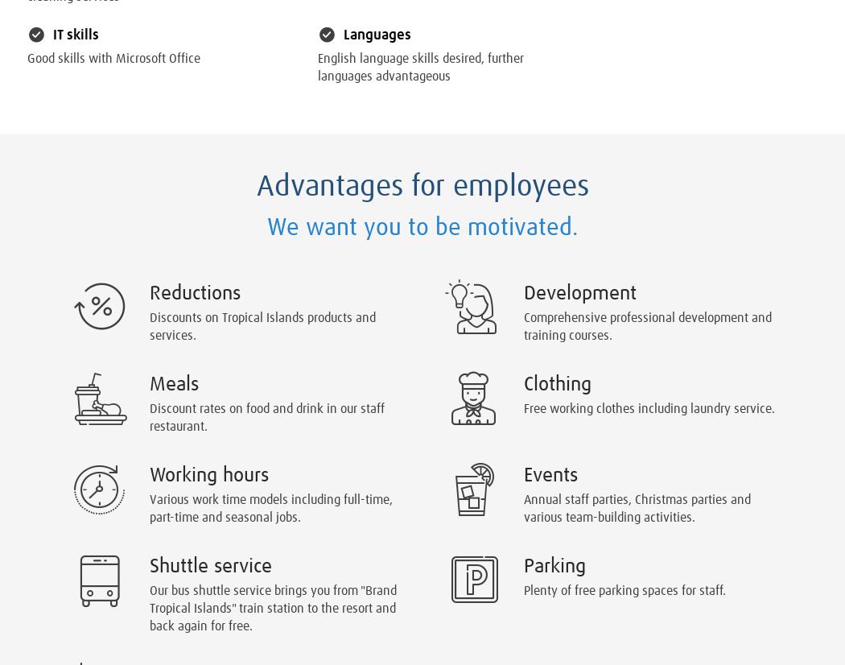 The image size is (845, 665). Describe the element at coordinates (195, 293) in the screenshot. I see `'Reductions'` at that location.